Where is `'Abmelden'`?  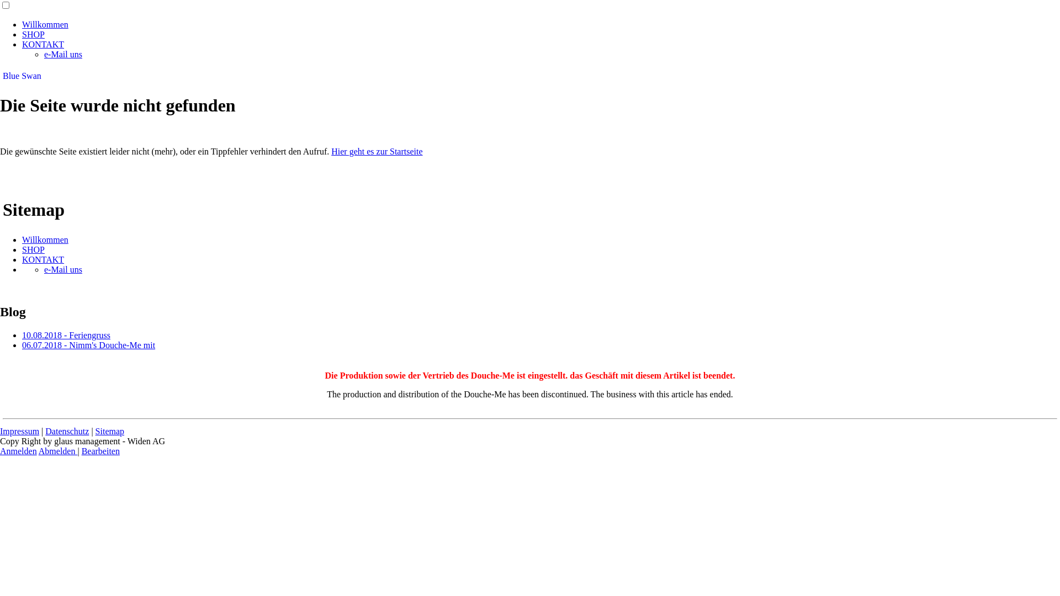 'Abmelden' is located at coordinates (57, 451).